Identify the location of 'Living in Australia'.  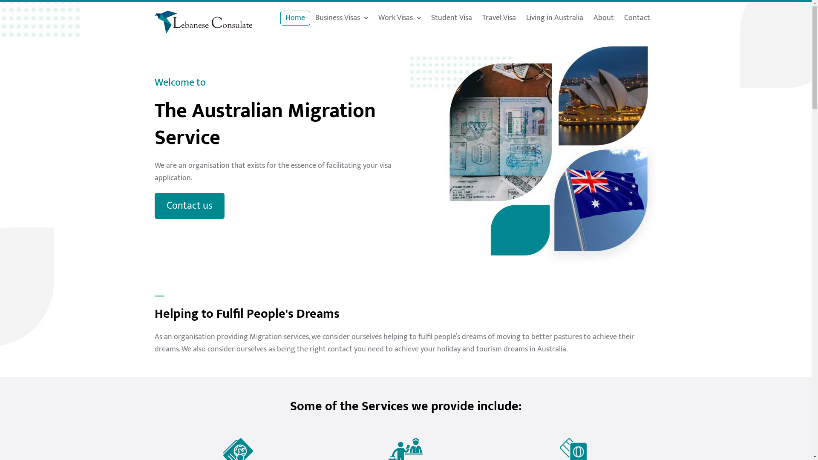
(521, 18).